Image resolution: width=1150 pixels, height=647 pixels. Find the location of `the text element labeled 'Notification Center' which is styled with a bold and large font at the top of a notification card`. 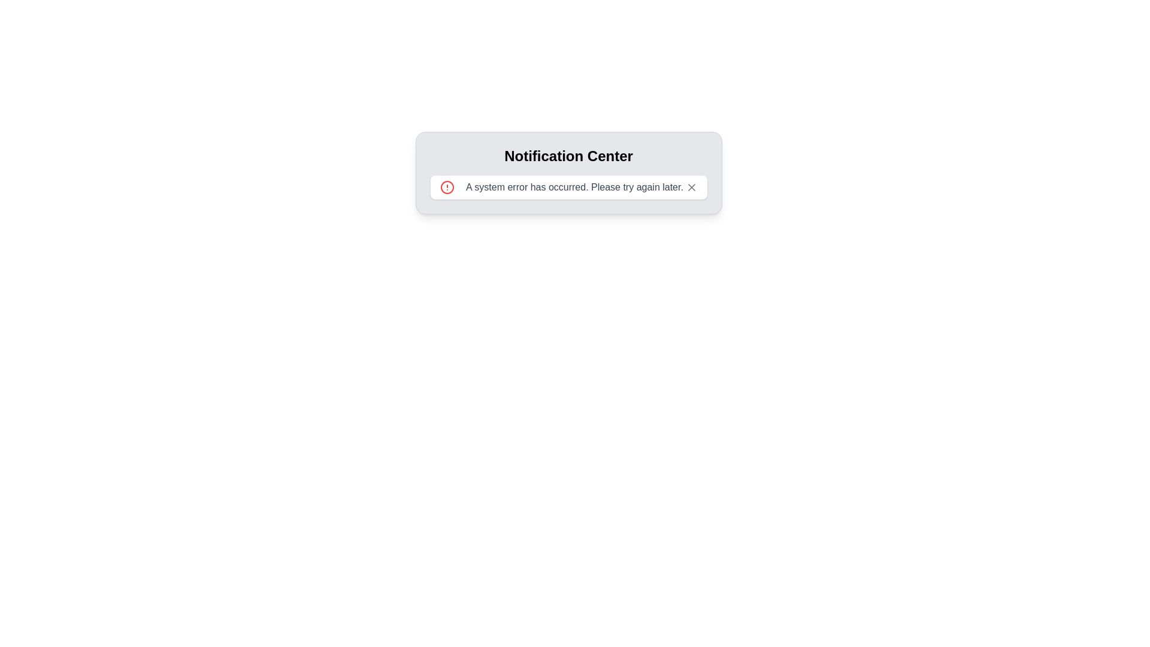

the text element labeled 'Notification Center' which is styled with a bold and large font at the top of a notification card is located at coordinates (568, 156).